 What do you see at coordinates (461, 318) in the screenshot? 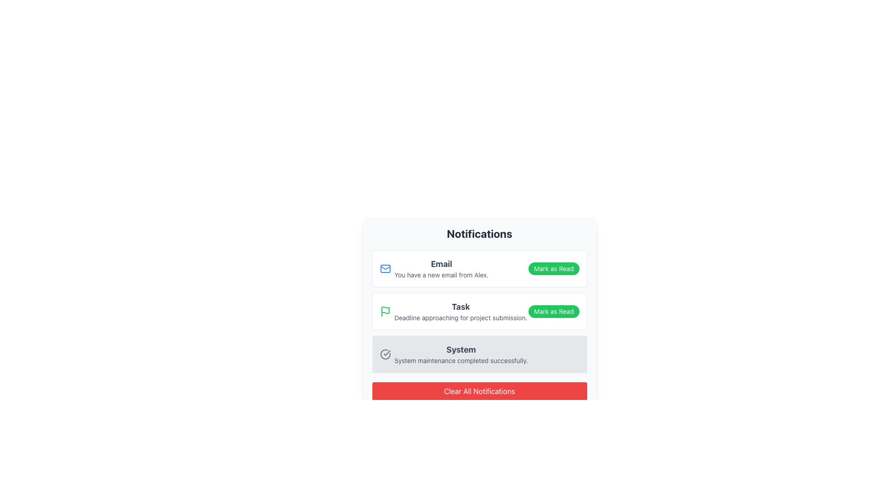
I see `the text label that reads 'Deadline approaching for project submission.' located just below the 'Task' heading in the notifications section` at bounding box center [461, 318].